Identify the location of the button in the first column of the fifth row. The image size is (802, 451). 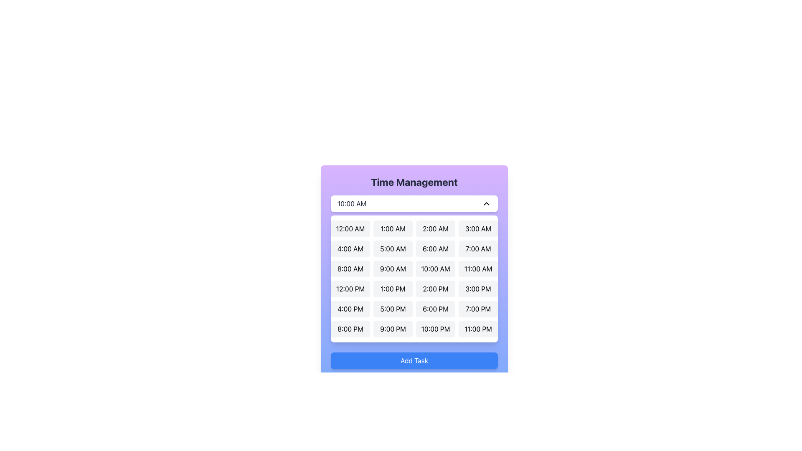
(350, 309).